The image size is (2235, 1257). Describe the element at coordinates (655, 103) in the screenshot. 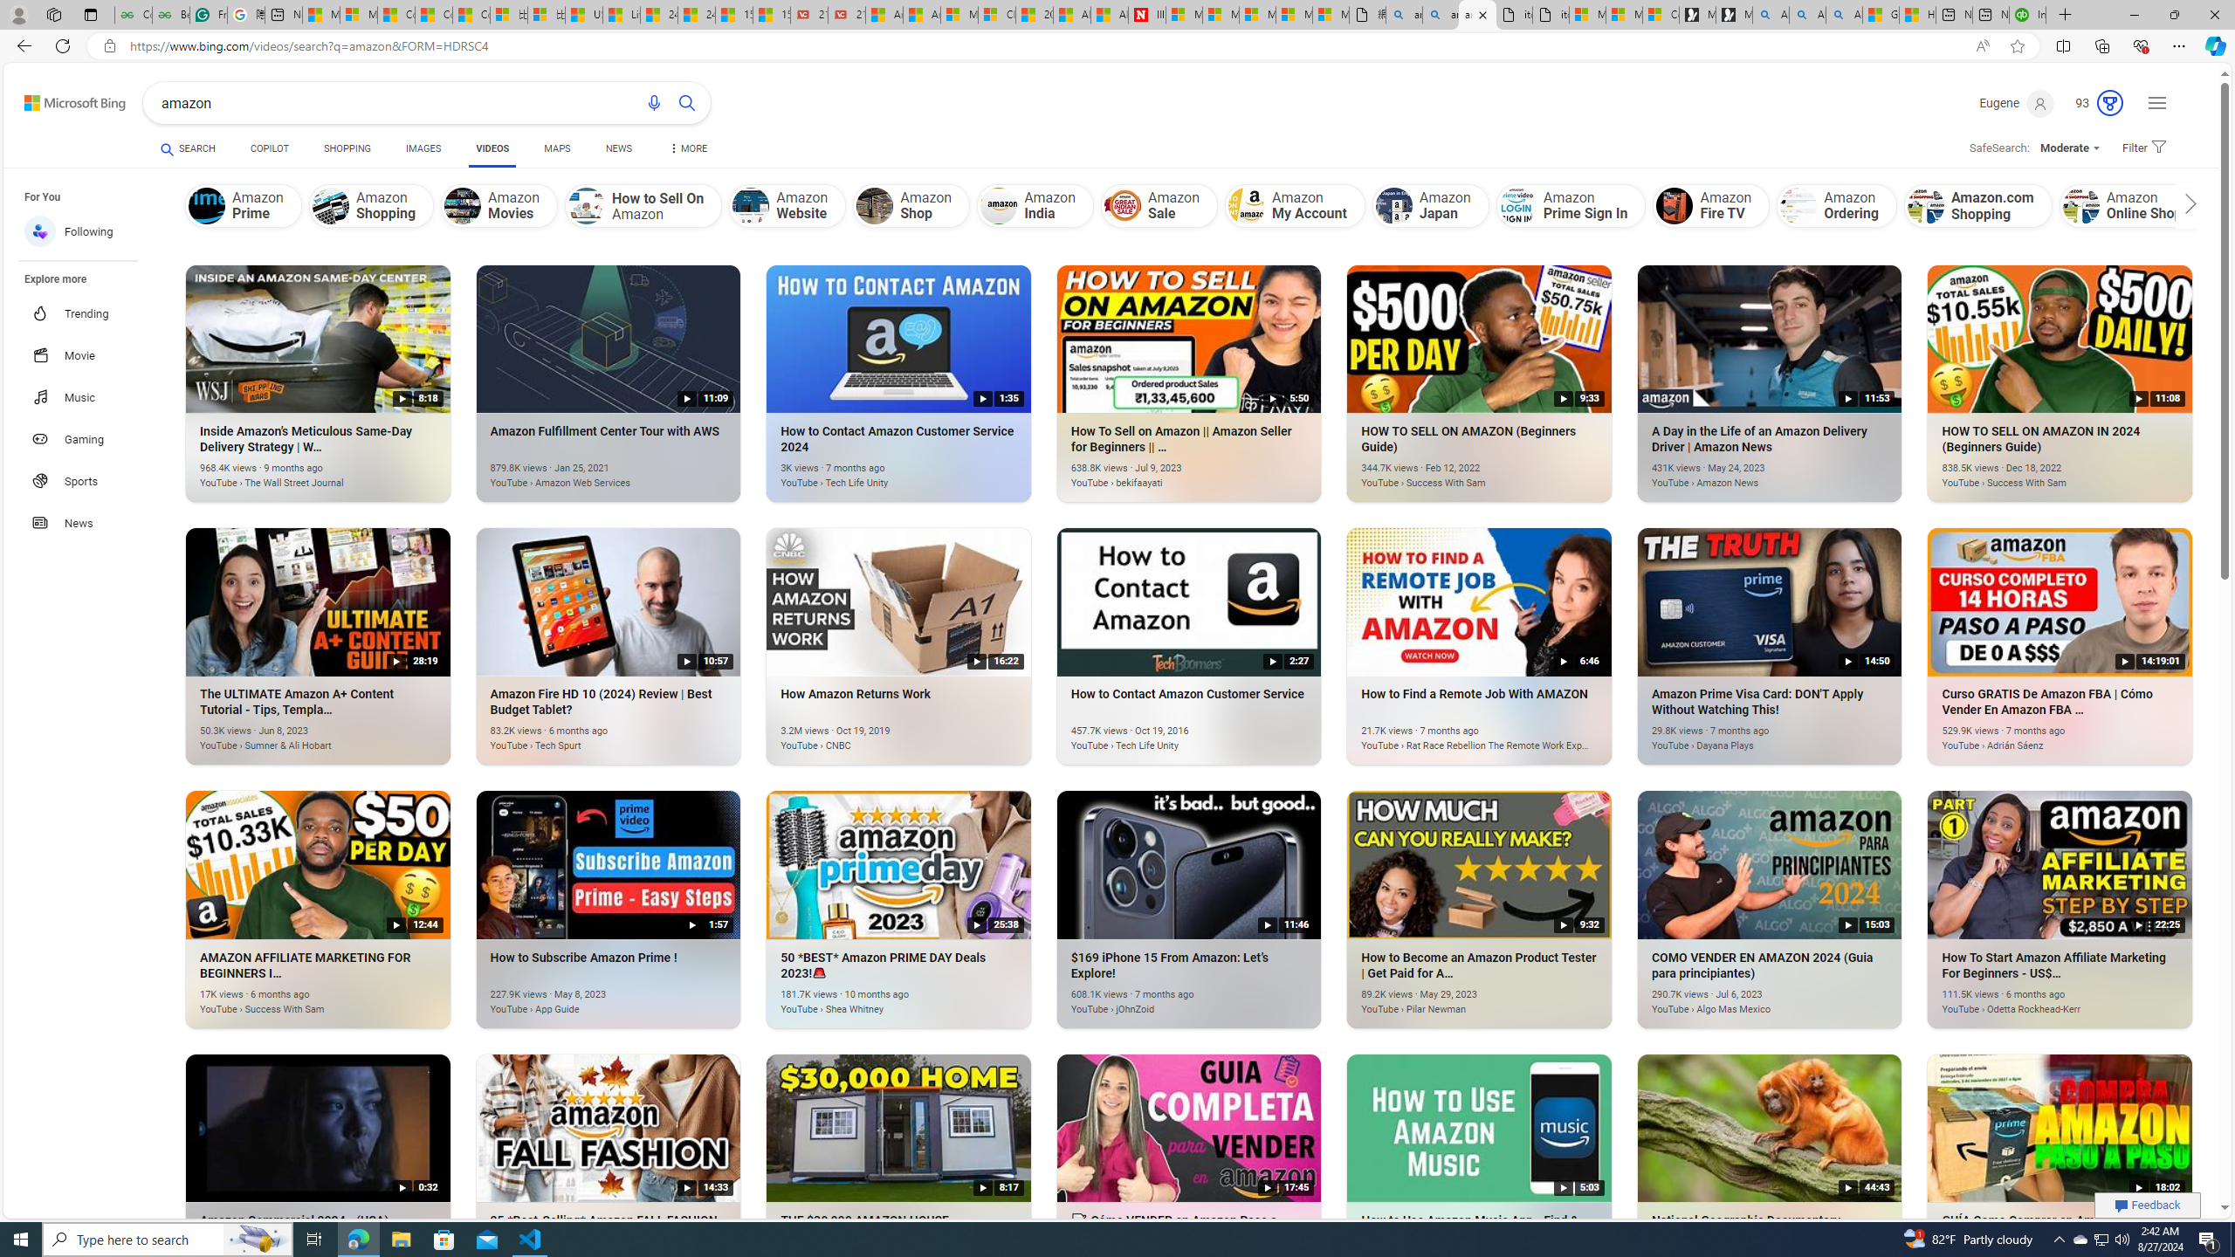

I see `'Search using voice'` at that location.